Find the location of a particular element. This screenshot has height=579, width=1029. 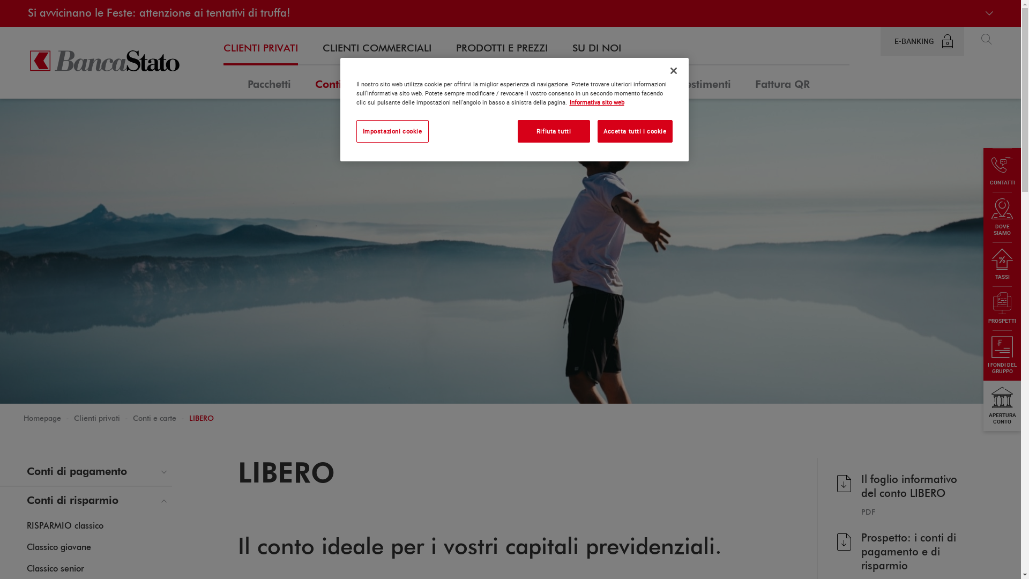

'CONTATTI' is located at coordinates (1002, 169).